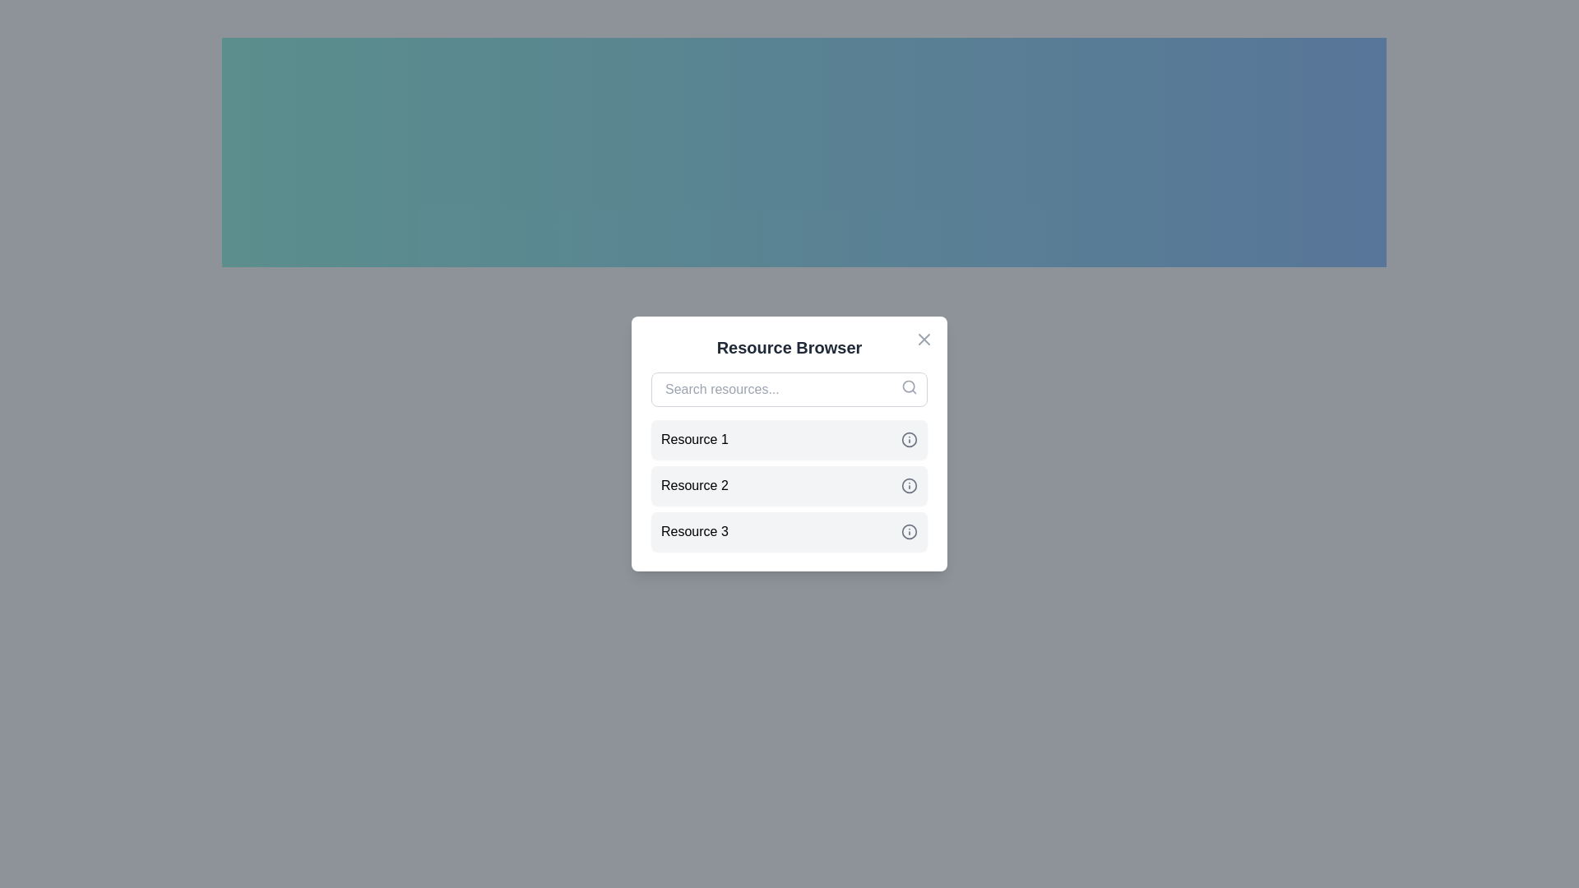  I want to click on the circular graphic icon representing information next to 'Resource 3' in the Resource Browser panel, so click(908, 532).